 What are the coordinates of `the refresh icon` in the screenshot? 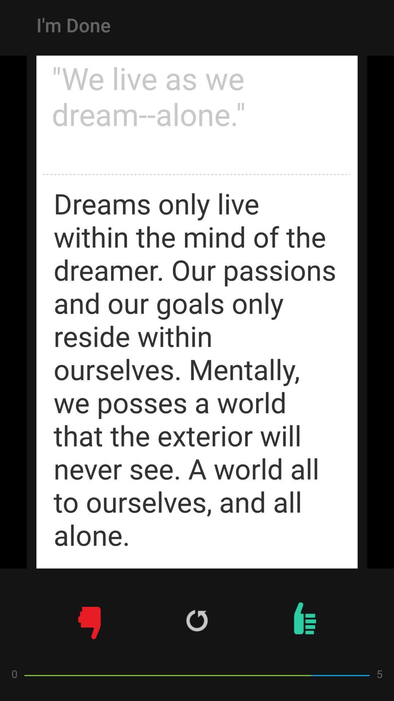 It's located at (197, 620).